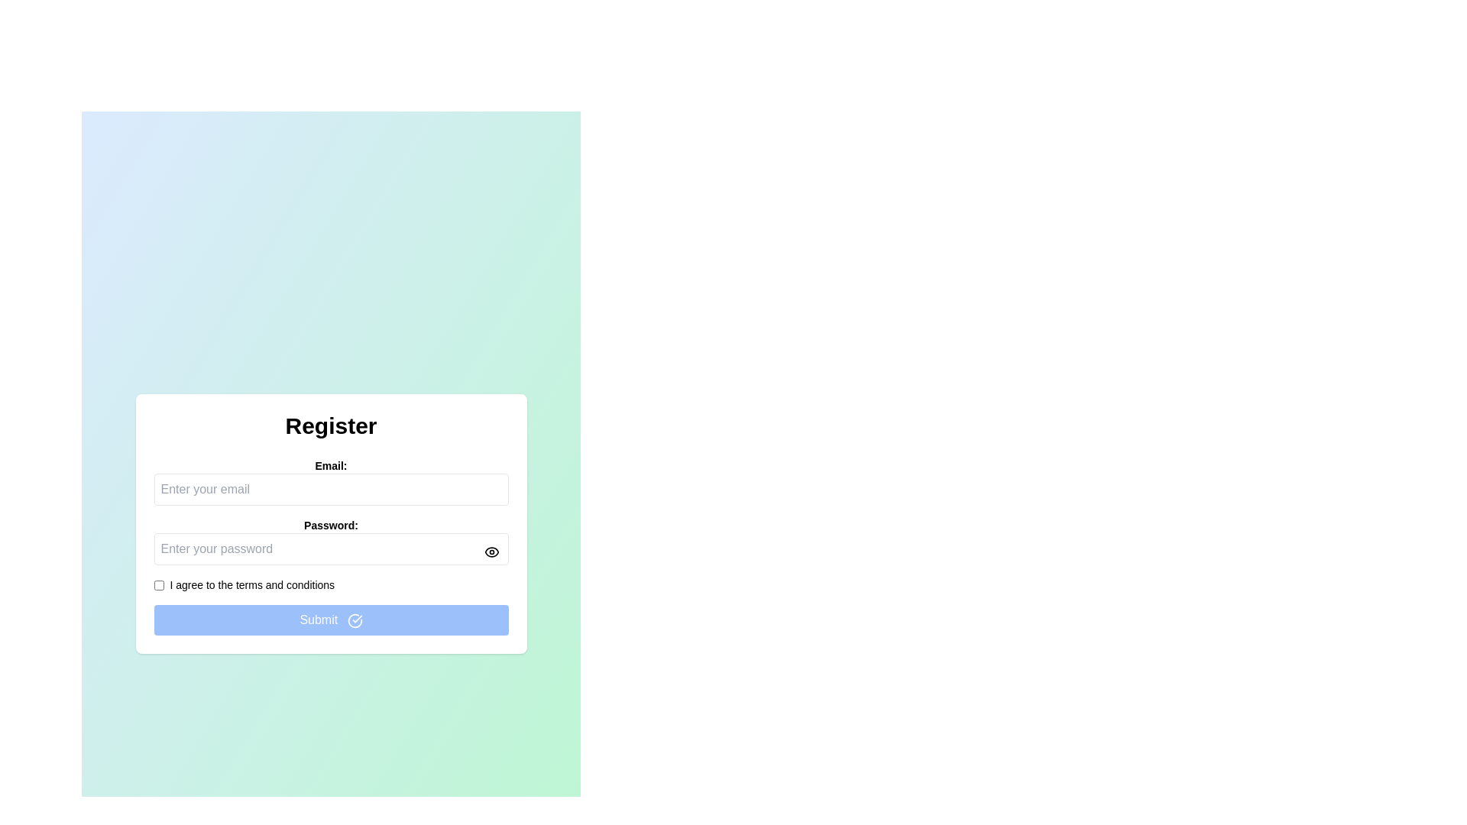 This screenshot has width=1467, height=825. Describe the element at coordinates (252, 584) in the screenshot. I see `the descriptive text label that informs users about the agreement's terms, which is located to the right of the adjacent checkbox` at that location.